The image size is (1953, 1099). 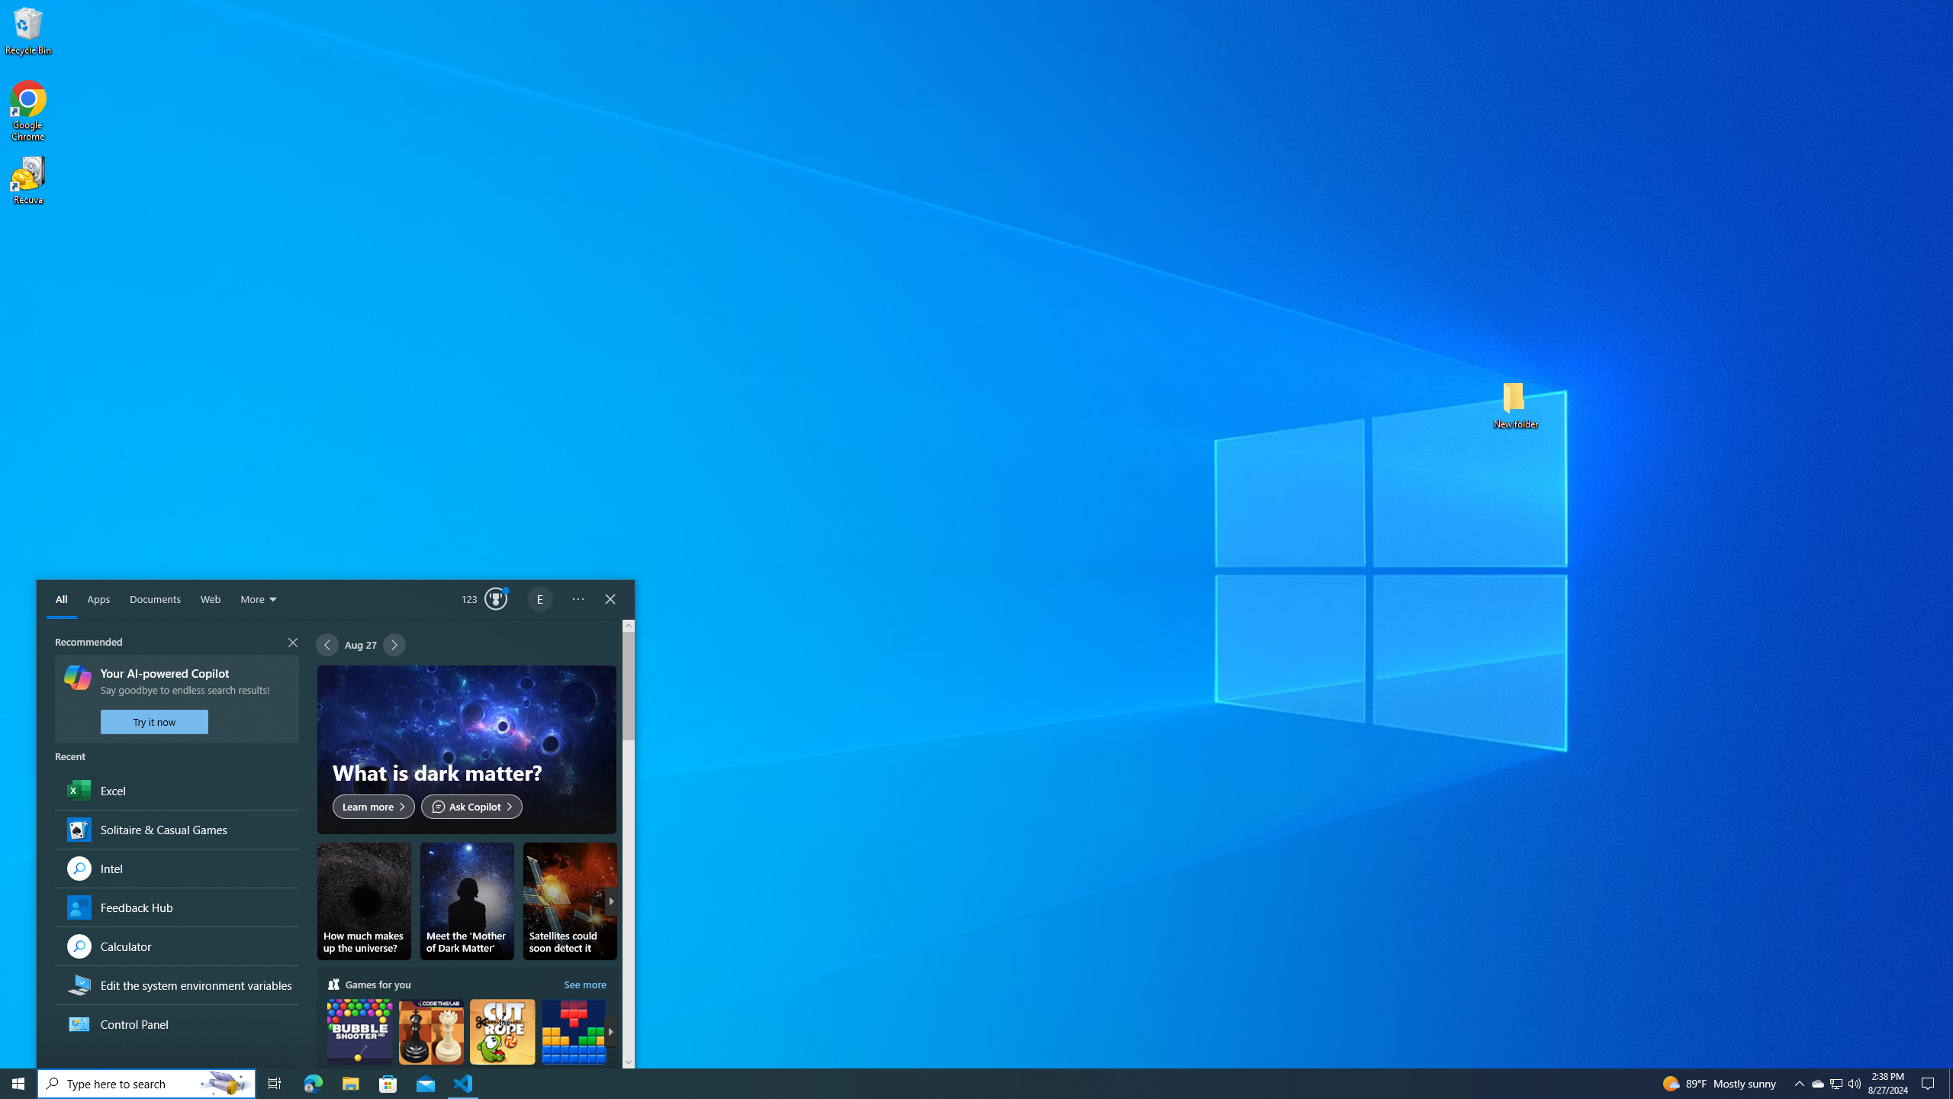 What do you see at coordinates (176, 698) in the screenshot?
I see `'Your AI-powered CopilotTry it now'` at bounding box center [176, 698].